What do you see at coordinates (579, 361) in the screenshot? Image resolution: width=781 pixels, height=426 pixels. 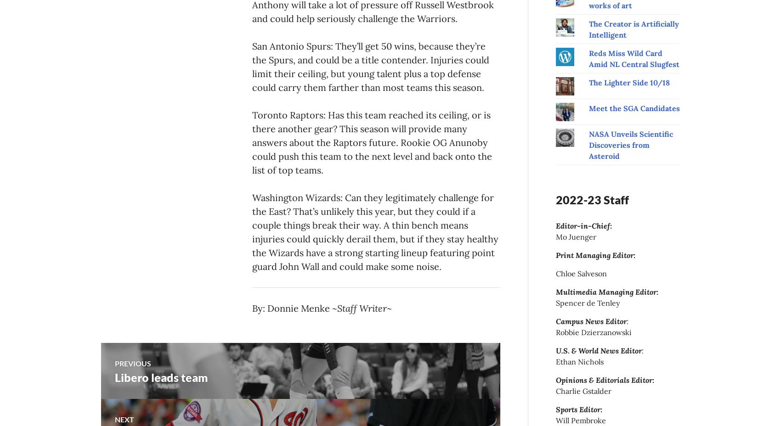 I see `'Ethan Nichols'` at bounding box center [579, 361].